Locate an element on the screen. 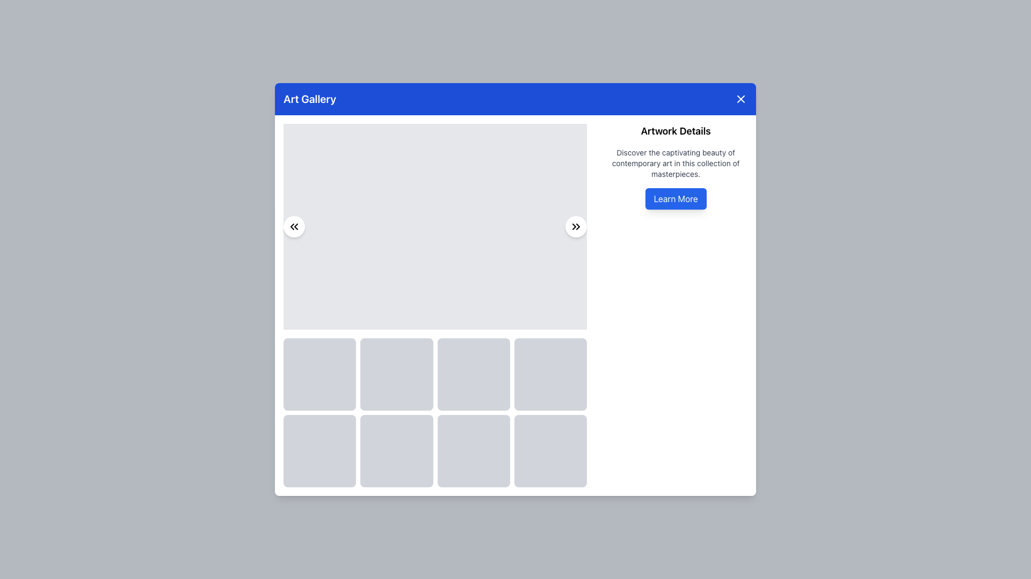 This screenshot has height=579, width=1031. the static visual block that represents an item or slot, located as the fourth element in the first row of a 4x2 grid layout is located at coordinates (550, 374).